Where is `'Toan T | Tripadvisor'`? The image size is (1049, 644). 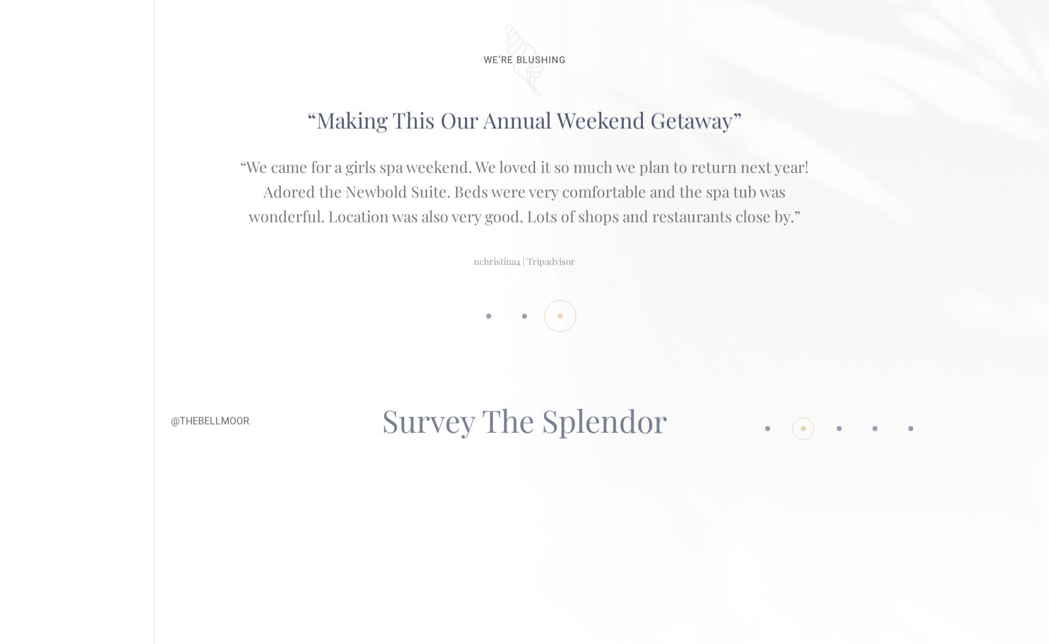
'Toan T | Tripadvisor' is located at coordinates (524, 226).